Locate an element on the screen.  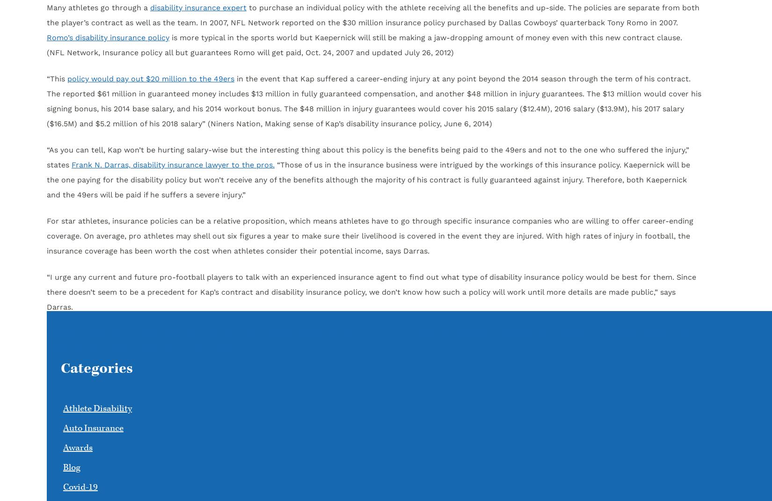
'Athlete Disability' is located at coordinates (97, 408).